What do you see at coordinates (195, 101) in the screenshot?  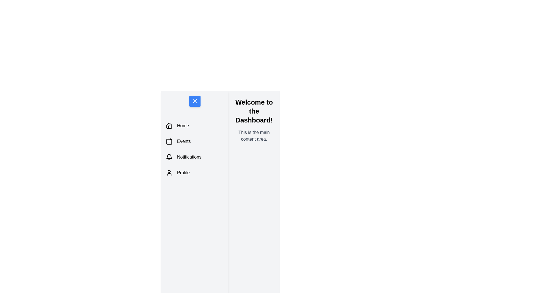 I see `the small diagonal cross icon used as a close or cancel symbol within the blue rectangular button at the top of the left sidebar` at bounding box center [195, 101].